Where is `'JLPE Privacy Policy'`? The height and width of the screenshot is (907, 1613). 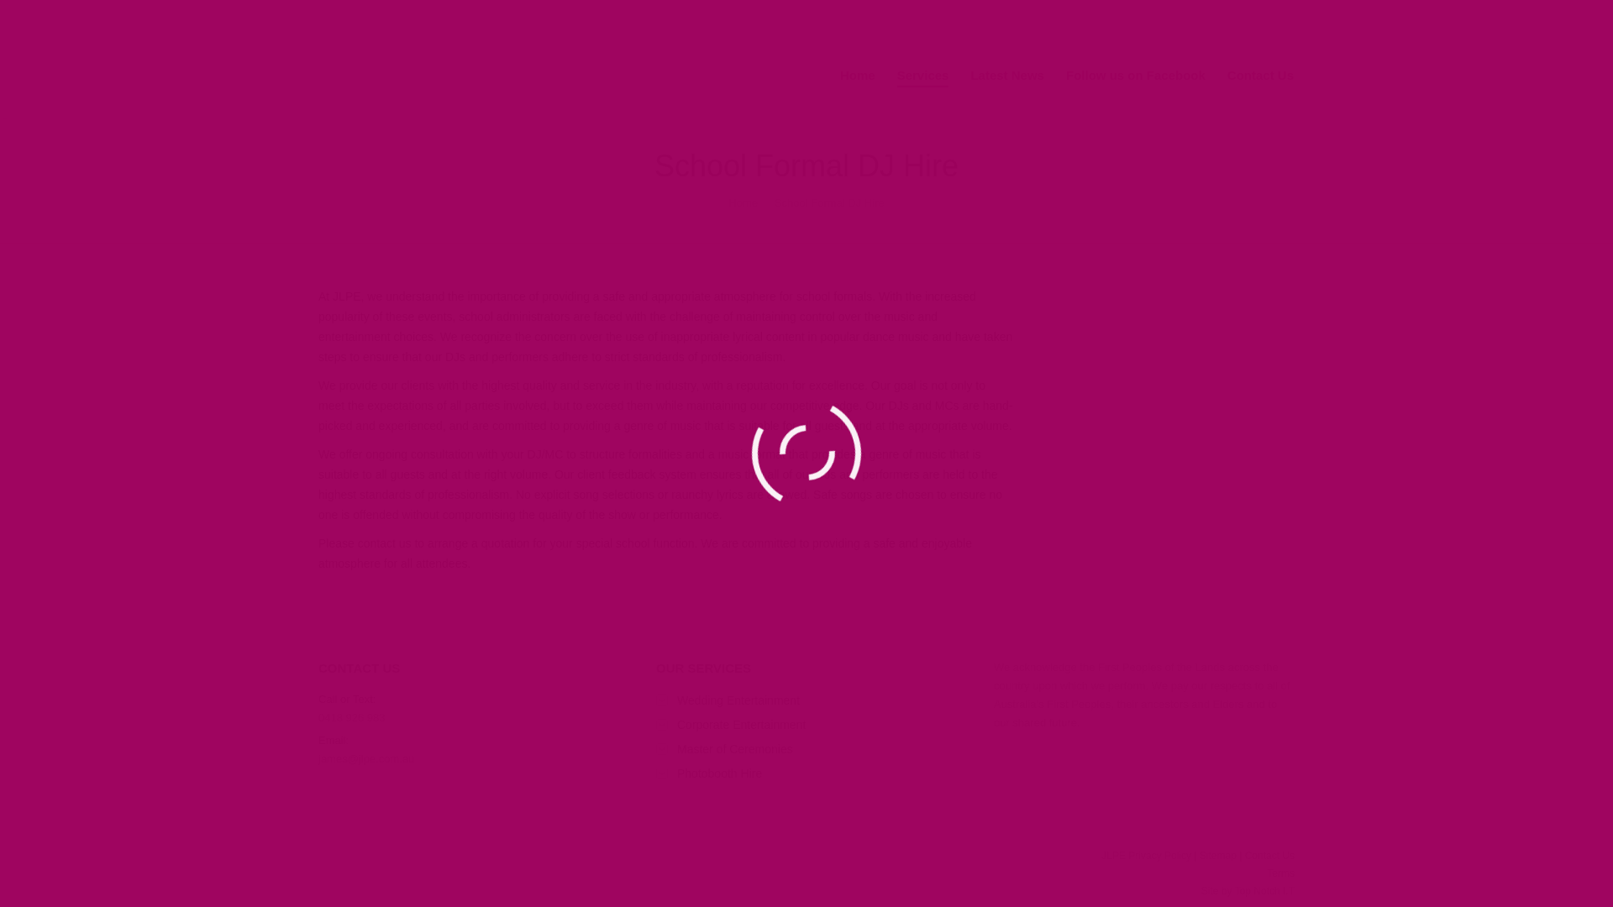 'JLPE Privacy Policy' is located at coordinates (1101, 855).